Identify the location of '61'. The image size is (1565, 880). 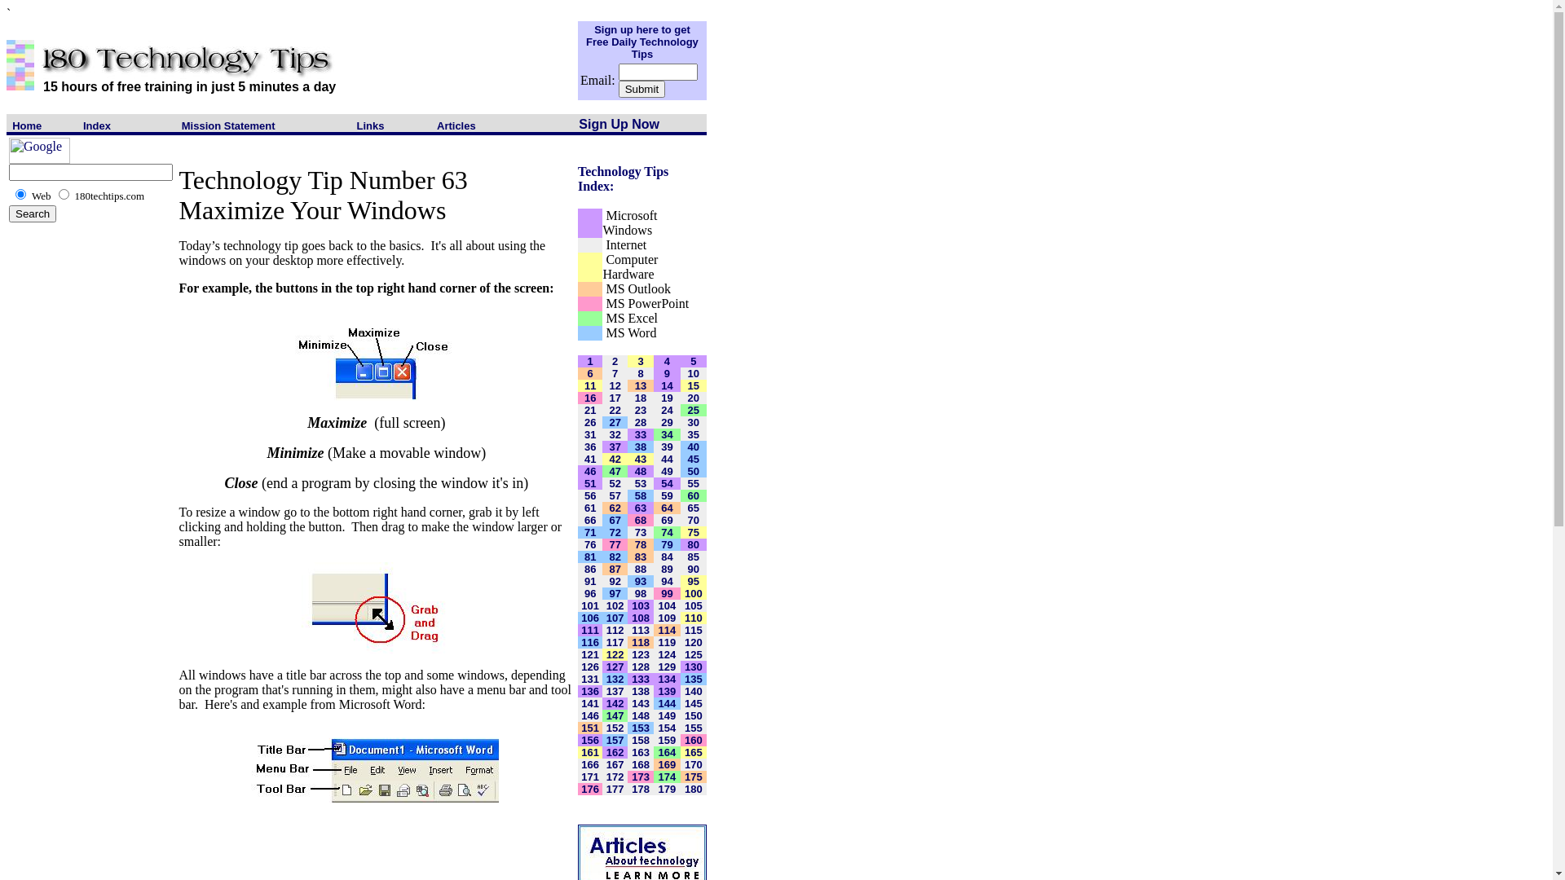
(589, 507).